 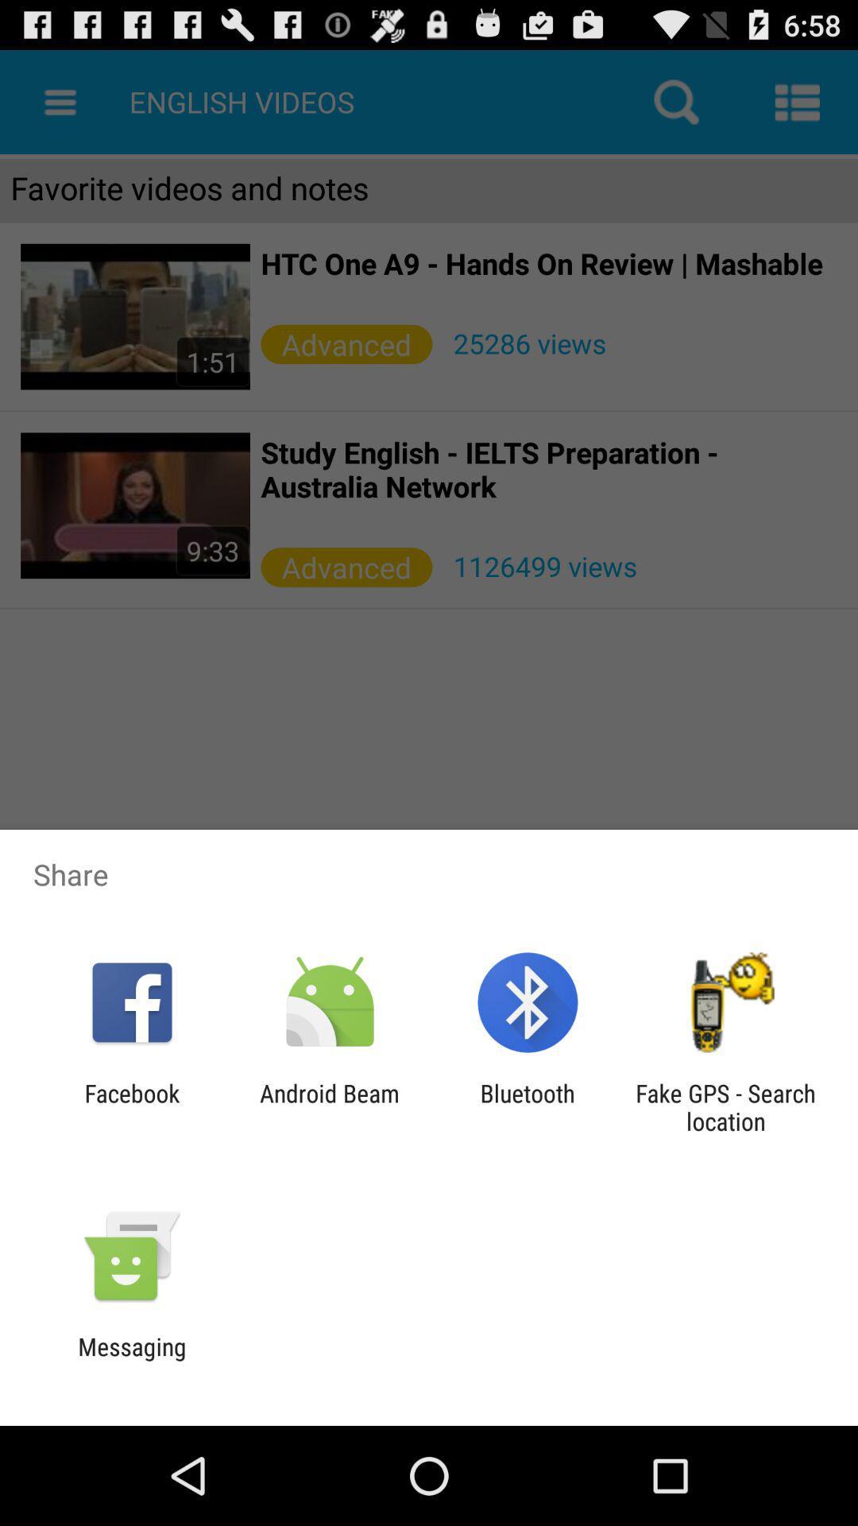 What do you see at coordinates (329, 1106) in the screenshot?
I see `the android beam` at bounding box center [329, 1106].